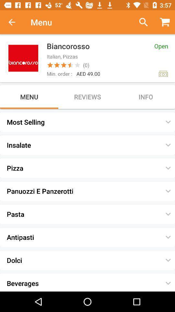 The height and width of the screenshot is (312, 175). Describe the element at coordinates (141, 22) in the screenshot. I see `etc` at that location.